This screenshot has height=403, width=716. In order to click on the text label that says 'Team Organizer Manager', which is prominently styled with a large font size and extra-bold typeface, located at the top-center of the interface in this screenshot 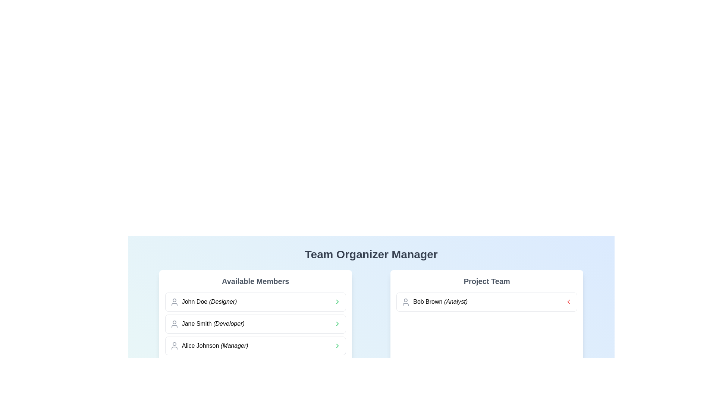, I will do `click(371, 254)`.